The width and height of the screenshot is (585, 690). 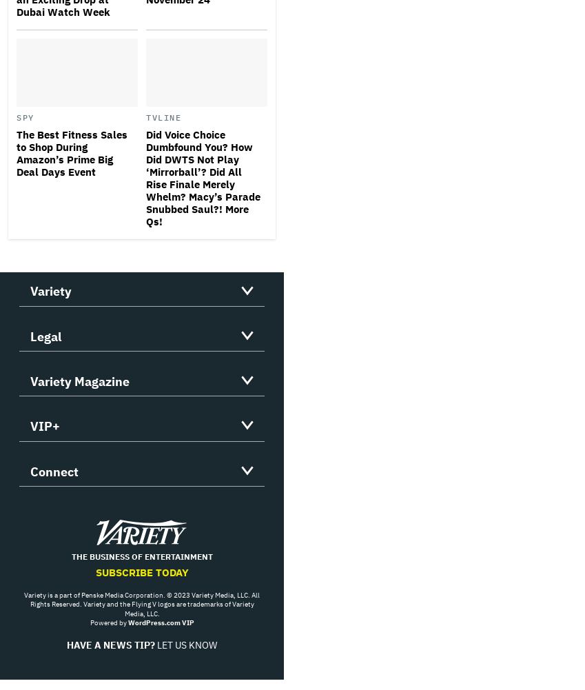 What do you see at coordinates (57, 558) in the screenshot?
I see `'Facebook'` at bounding box center [57, 558].